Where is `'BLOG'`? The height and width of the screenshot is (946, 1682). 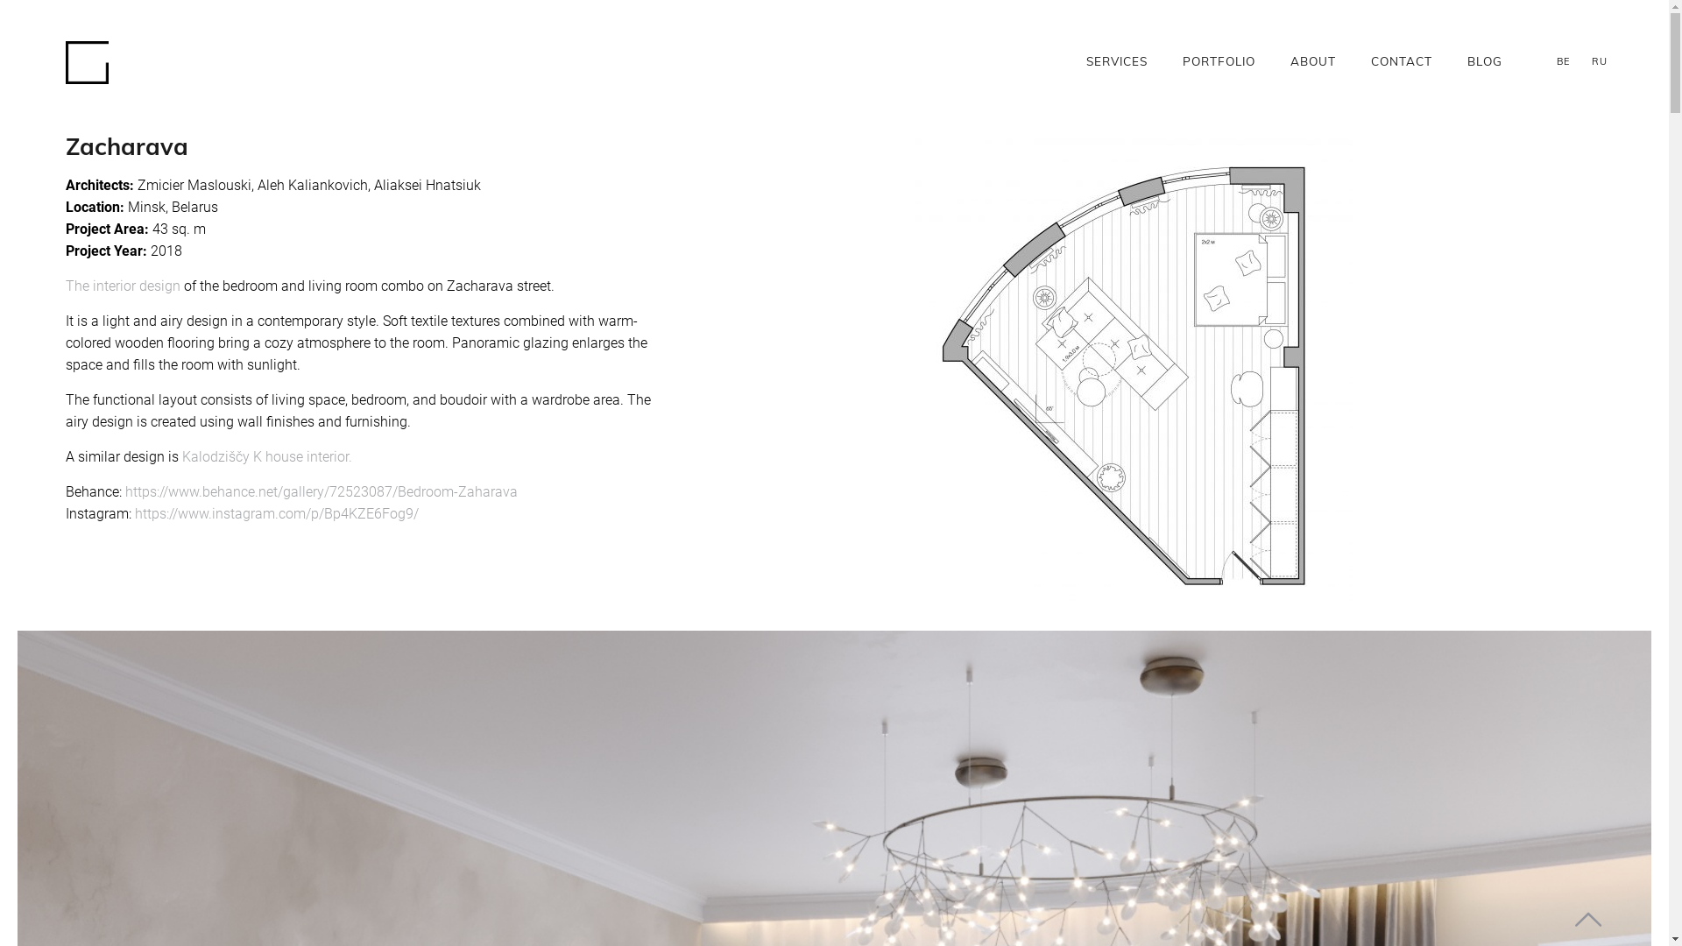 'BLOG' is located at coordinates (1483, 60).